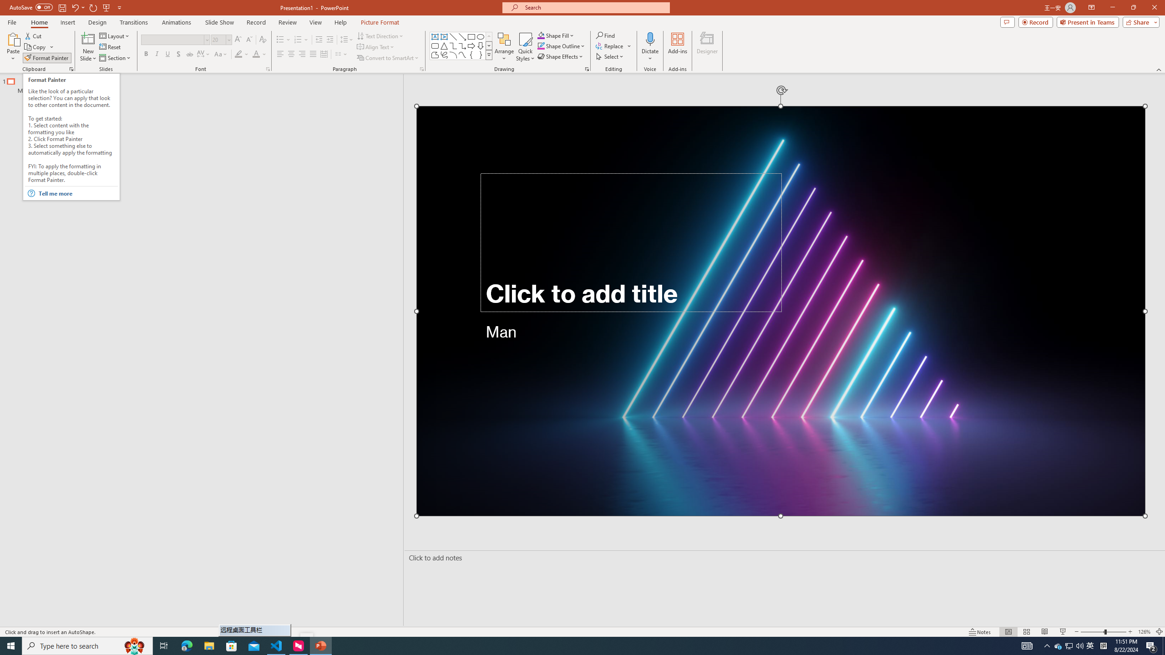 The width and height of the screenshot is (1165, 655). I want to click on 'Font Color Red', so click(256, 54).